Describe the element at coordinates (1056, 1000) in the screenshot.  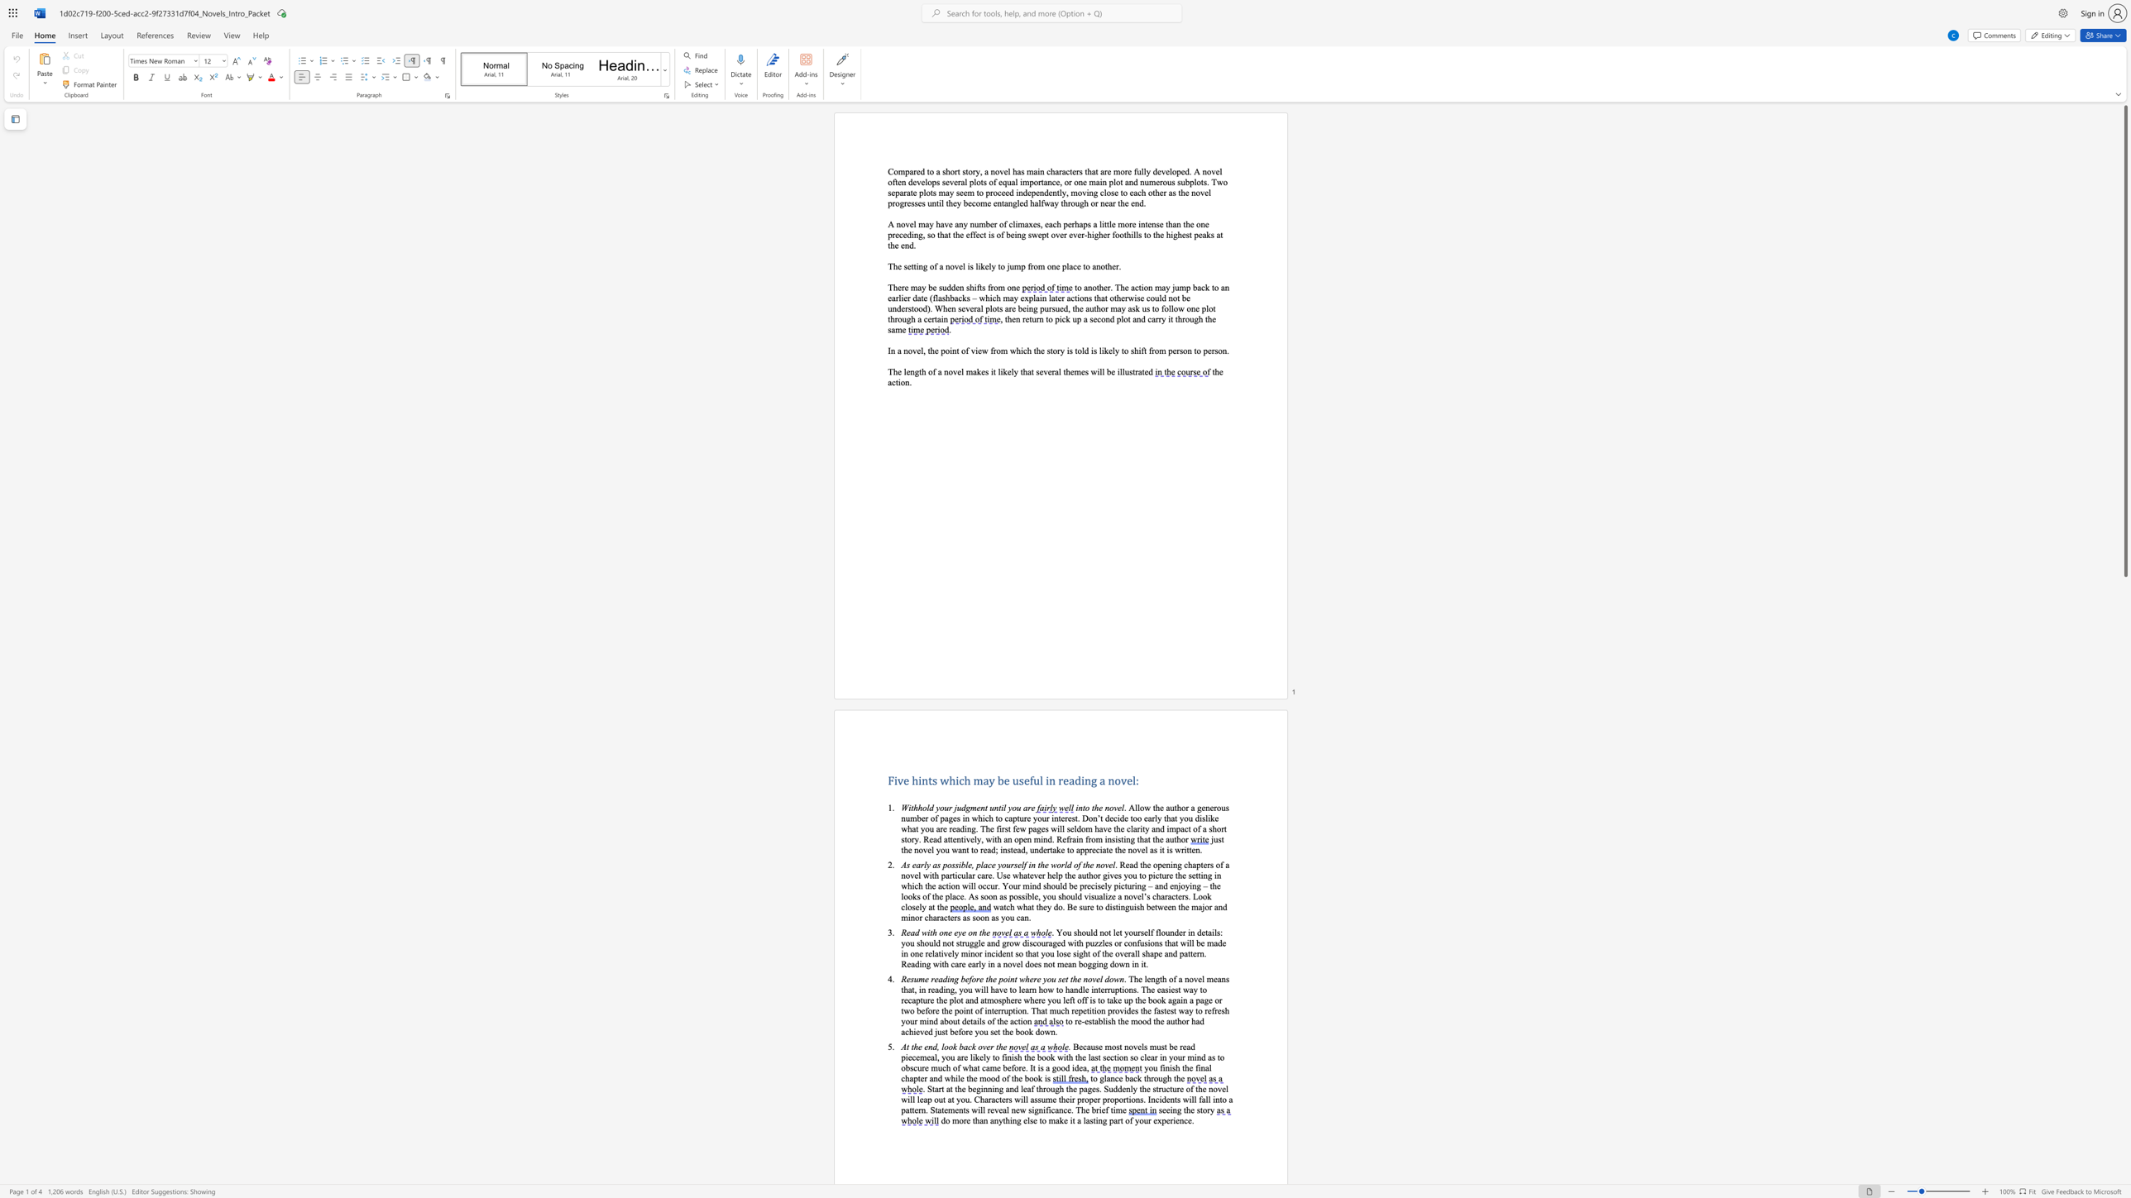
I see `the subset text "u left off is to take up the bo" within the text ". The length of a novel means that, in reading, you will have to learn how to handle interruptions. The easiest way to recapture the plot and atmosphere where you left off is to take up the book again a page or two before the point of interruption. That much repetition"` at that location.